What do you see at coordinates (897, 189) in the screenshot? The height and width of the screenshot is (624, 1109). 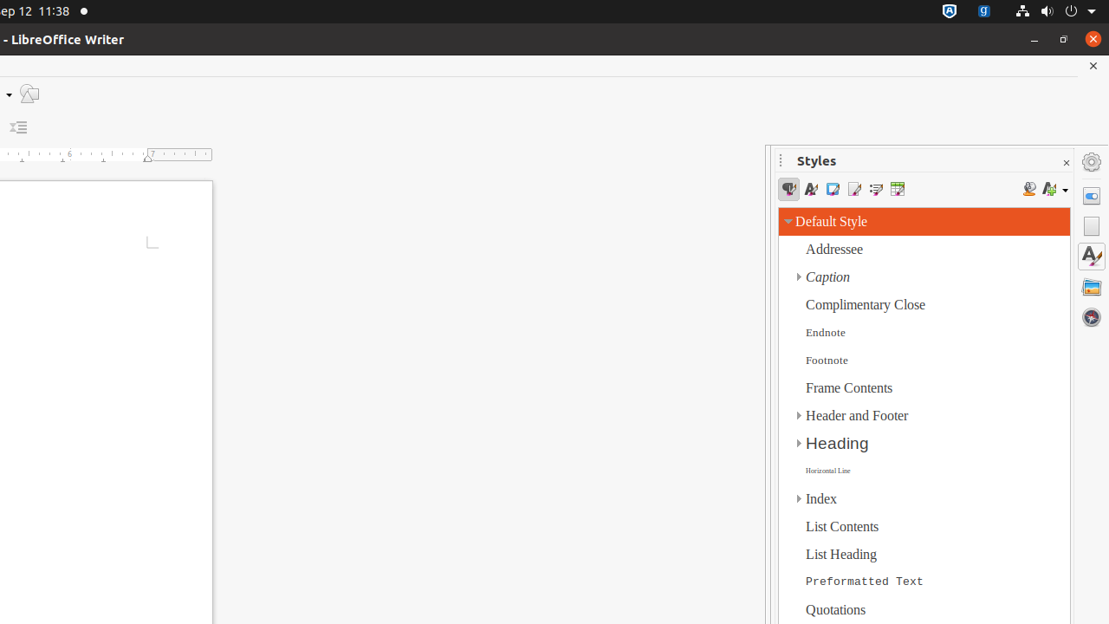 I see `'Table Styles'` at bounding box center [897, 189].